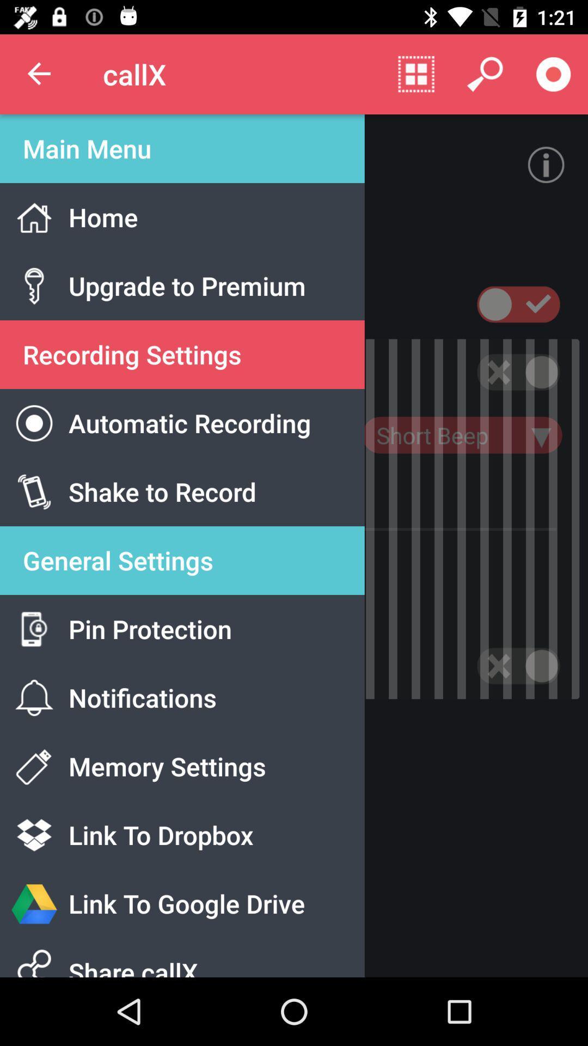 The height and width of the screenshot is (1046, 588). I want to click on the info icon, so click(553, 148).